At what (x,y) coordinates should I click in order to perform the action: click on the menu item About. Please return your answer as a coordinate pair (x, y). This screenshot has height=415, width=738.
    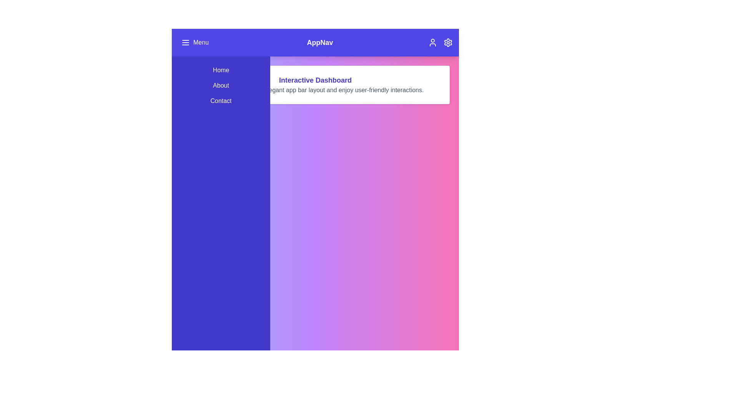
    Looking at the image, I should click on (221, 86).